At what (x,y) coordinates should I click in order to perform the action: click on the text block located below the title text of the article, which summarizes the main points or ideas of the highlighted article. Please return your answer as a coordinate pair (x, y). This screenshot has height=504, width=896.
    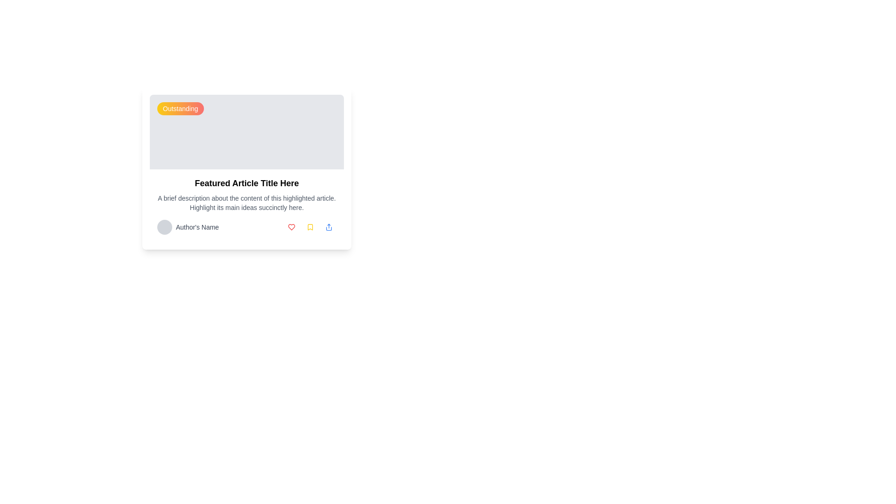
    Looking at the image, I should click on (246, 203).